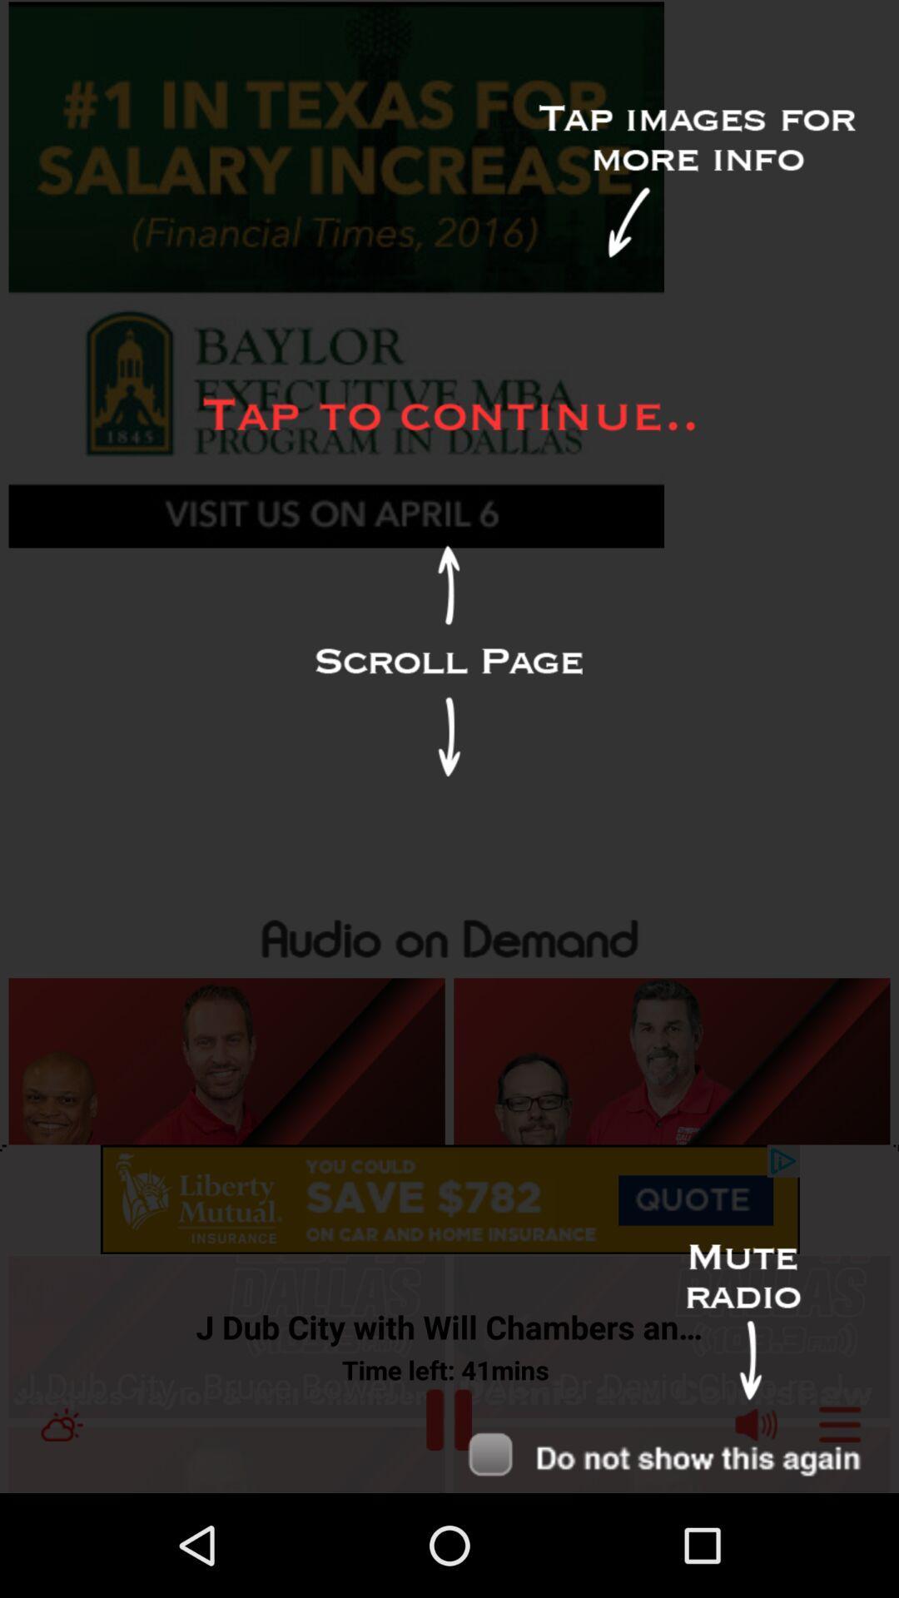  I want to click on the volume icon, so click(756, 1525).